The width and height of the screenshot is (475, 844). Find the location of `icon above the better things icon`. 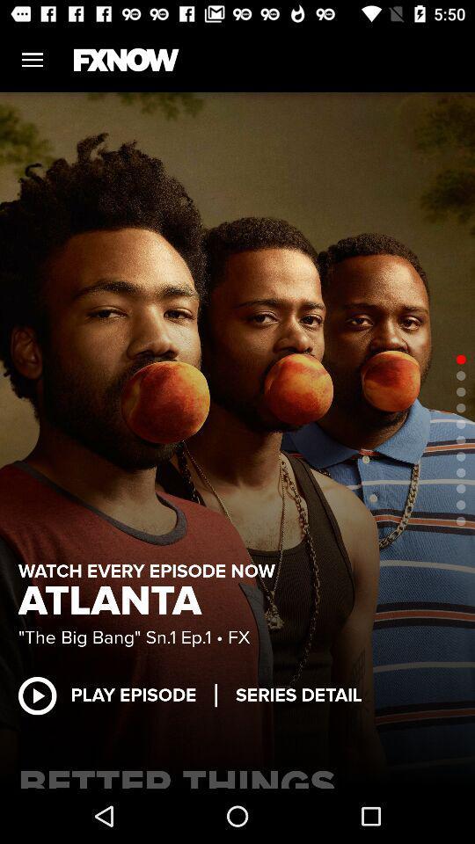

icon above the better things icon is located at coordinates (116, 695).